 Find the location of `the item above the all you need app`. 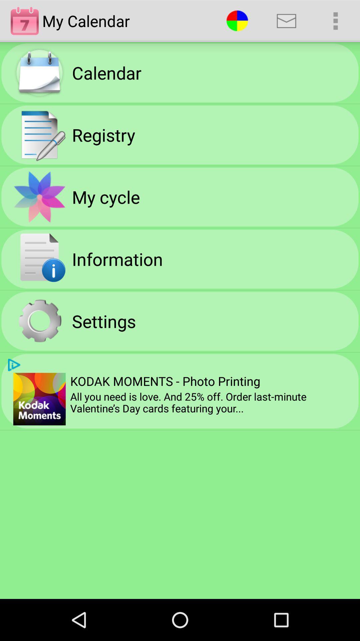

the item above the all you need app is located at coordinates (335, 21).